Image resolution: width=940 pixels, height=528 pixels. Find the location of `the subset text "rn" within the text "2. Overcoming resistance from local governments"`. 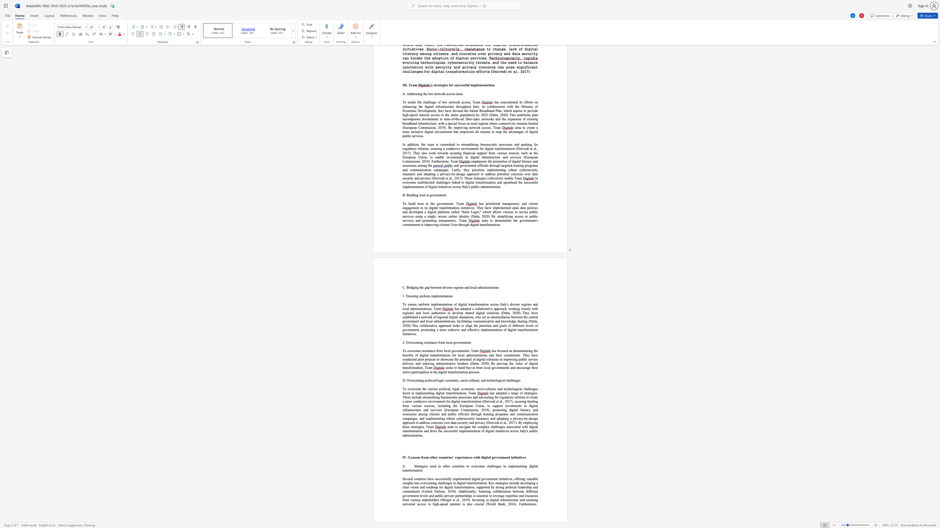

the subset text "rn" within the text "2. Overcoming resistance from local governments" is located at coordinates (460, 343).